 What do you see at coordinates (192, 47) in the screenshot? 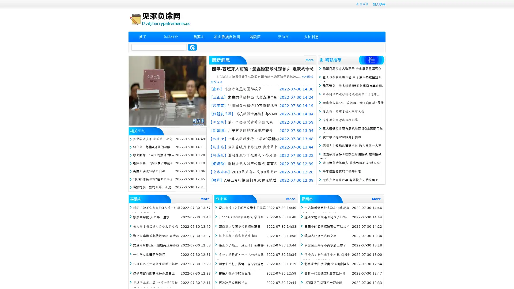
I see `Search` at bounding box center [192, 47].